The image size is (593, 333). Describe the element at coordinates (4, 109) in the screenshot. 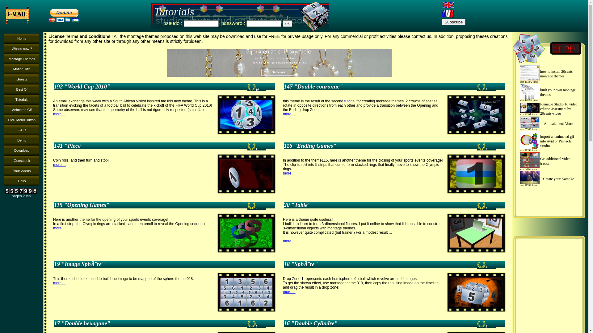

I see `'Animated Gif'` at that location.